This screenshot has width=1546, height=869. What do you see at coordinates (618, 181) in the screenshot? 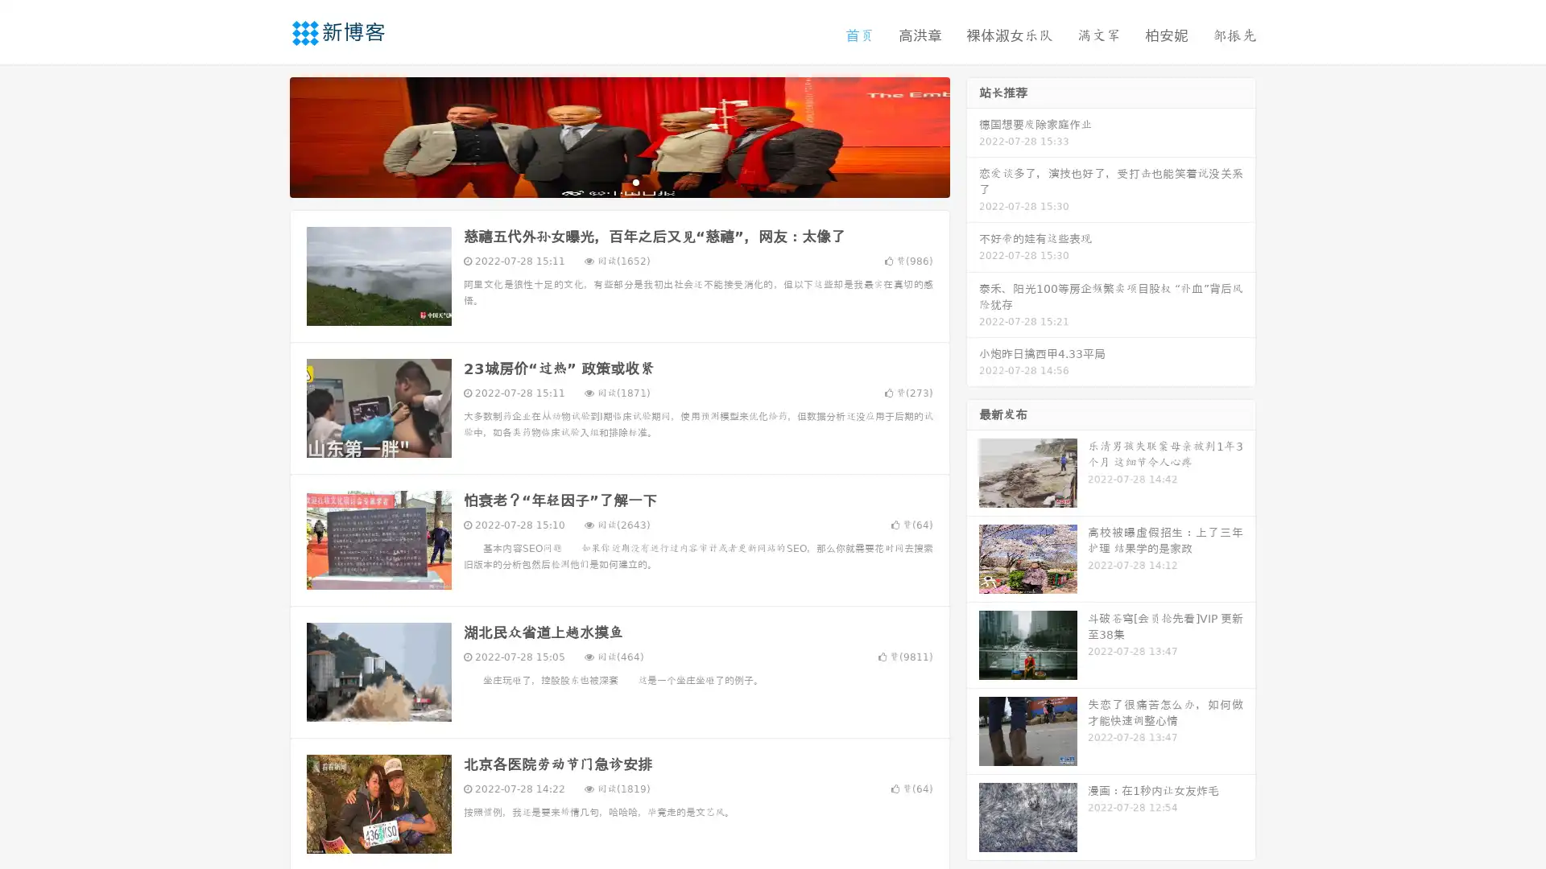
I see `Go to slide 2` at bounding box center [618, 181].